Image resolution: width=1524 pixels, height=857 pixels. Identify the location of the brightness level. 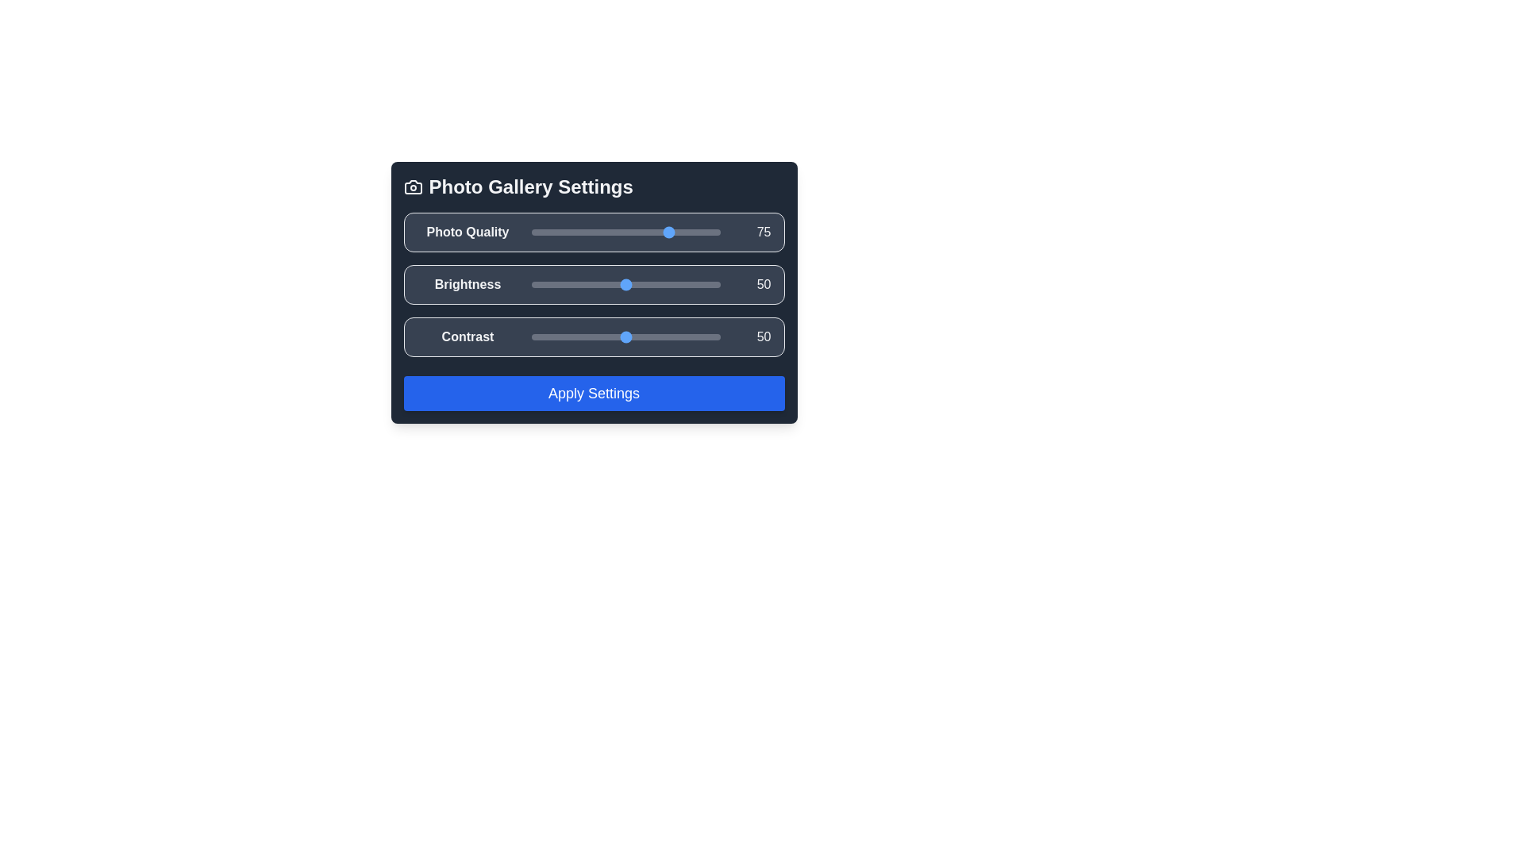
(541, 283).